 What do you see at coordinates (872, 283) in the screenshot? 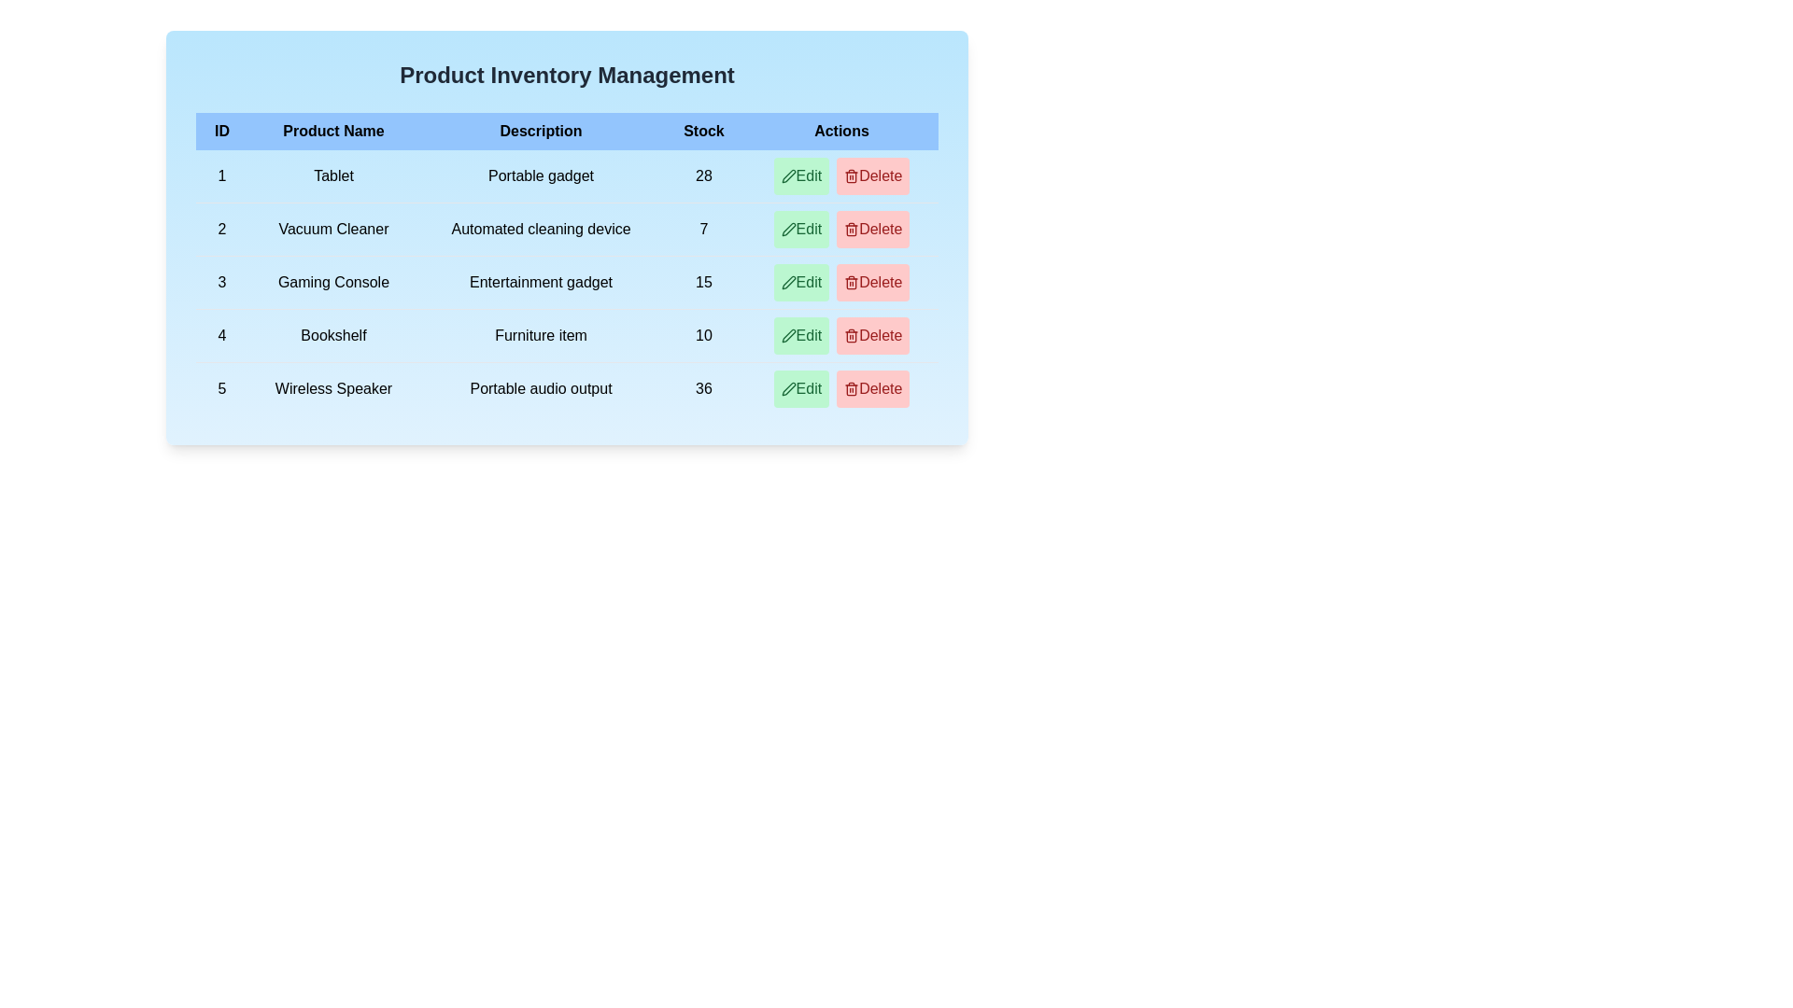
I see `the 'Delete' button with a red background and trash can icon, located in the third row under the 'Actions' column` at bounding box center [872, 283].